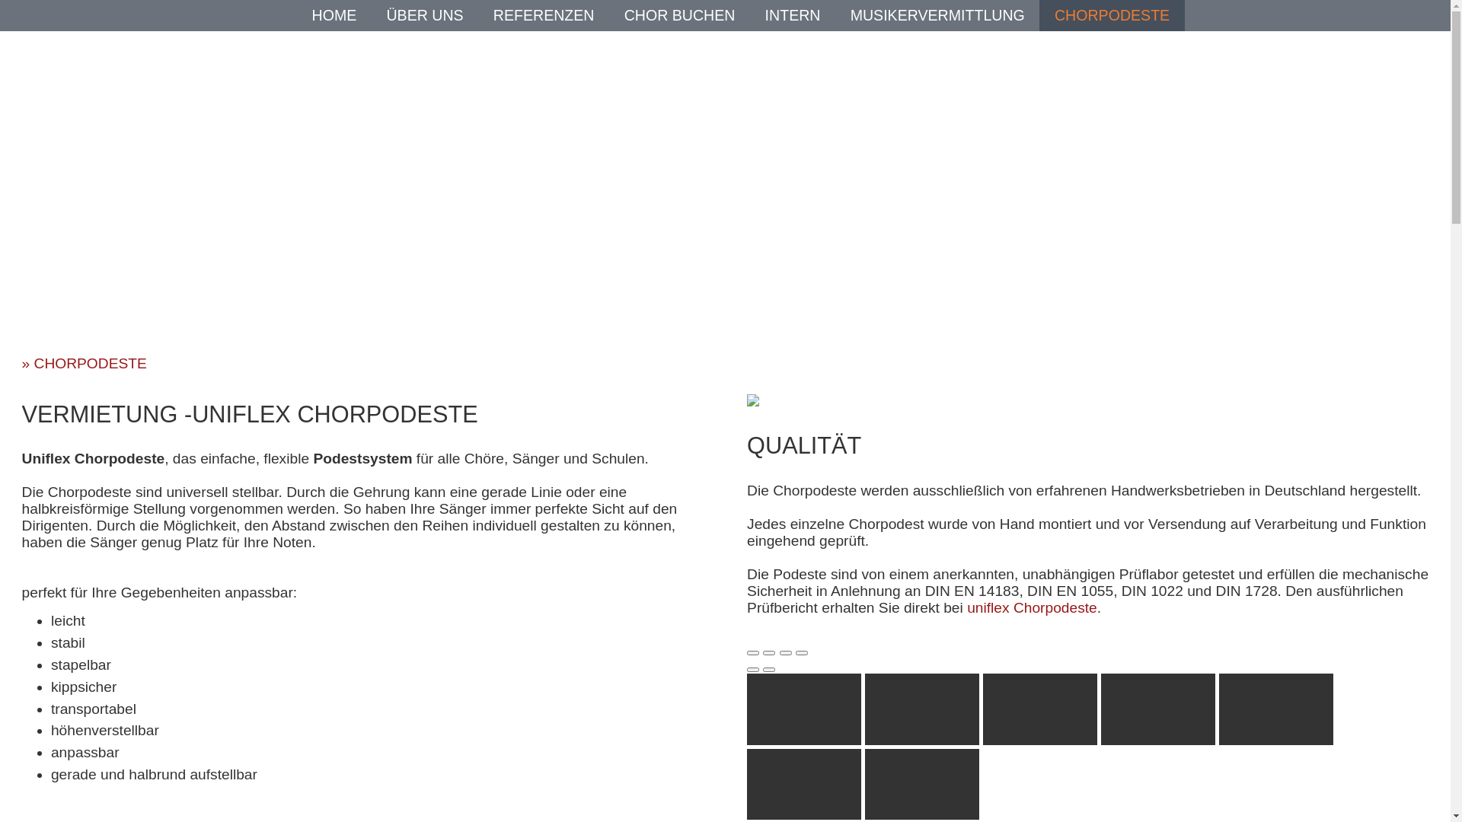 The height and width of the screenshot is (822, 1462). I want to click on 'Close (Esc)', so click(746, 652).